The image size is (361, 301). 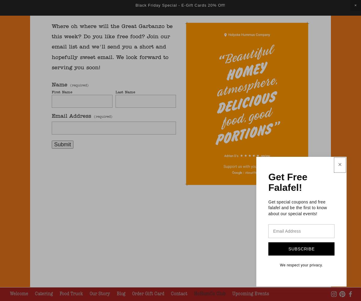 I want to click on 'Where oh where will the Great Garbanzo be this week? Do you like free food? Join our email list and we'll send you a short and hopefully sweet email. We look forward to serving you soon!', so click(x=113, y=47).